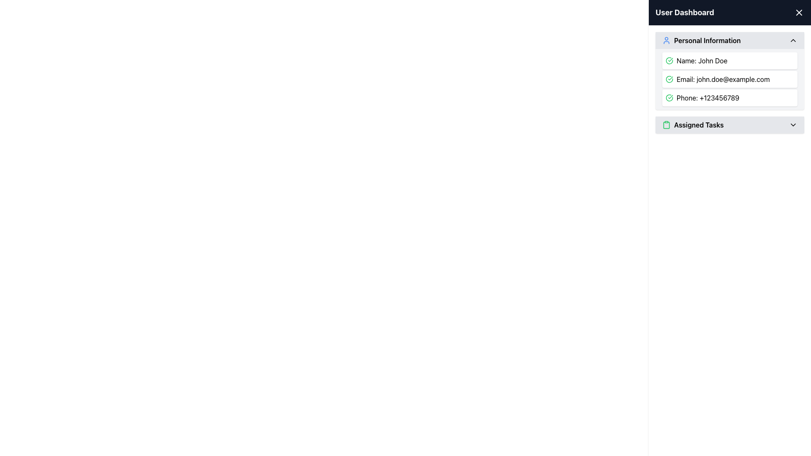  Describe the element at coordinates (708, 97) in the screenshot. I see `the Text Label displaying the user's phone number, which is located below the 'Name: John Doe' and 'Email: john.doe@example.com' fields in the 'Personal Information' section` at that location.